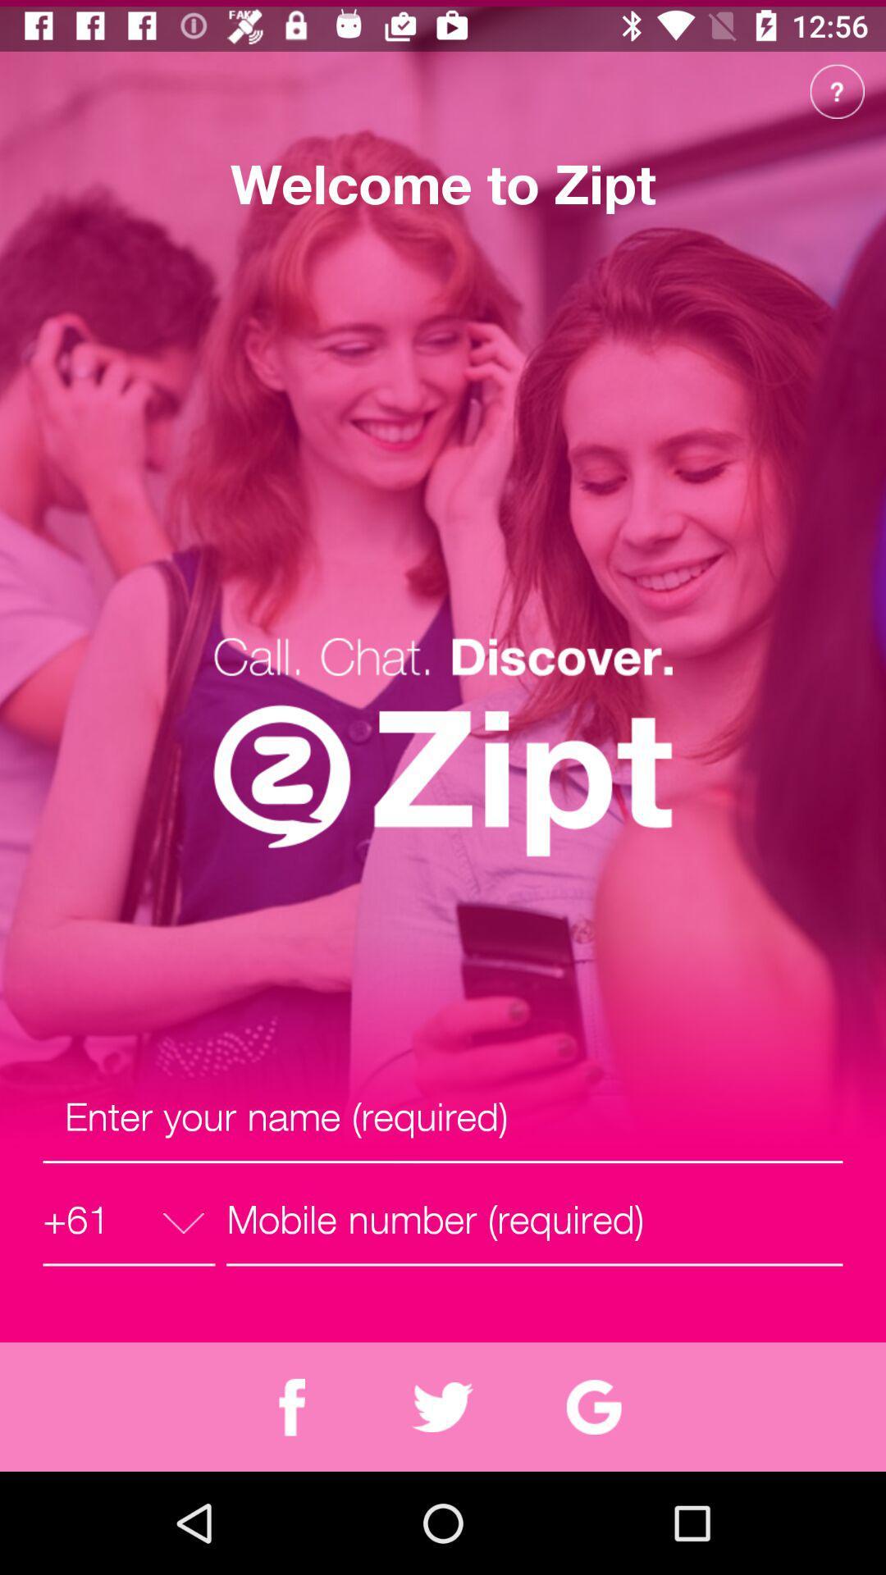 The height and width of the screenshot is (1575, 886). I want to click on the facebook icon, so click(291, 1406).